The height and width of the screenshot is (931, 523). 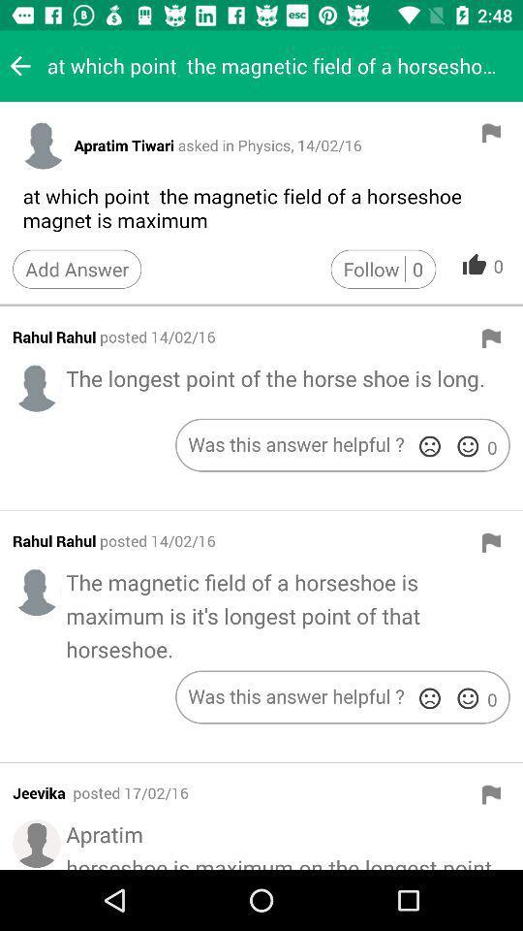 What do you see at coordinates (429, 446) in the screenshot?
I see `downvote answer` at bounding box center [429, 446].